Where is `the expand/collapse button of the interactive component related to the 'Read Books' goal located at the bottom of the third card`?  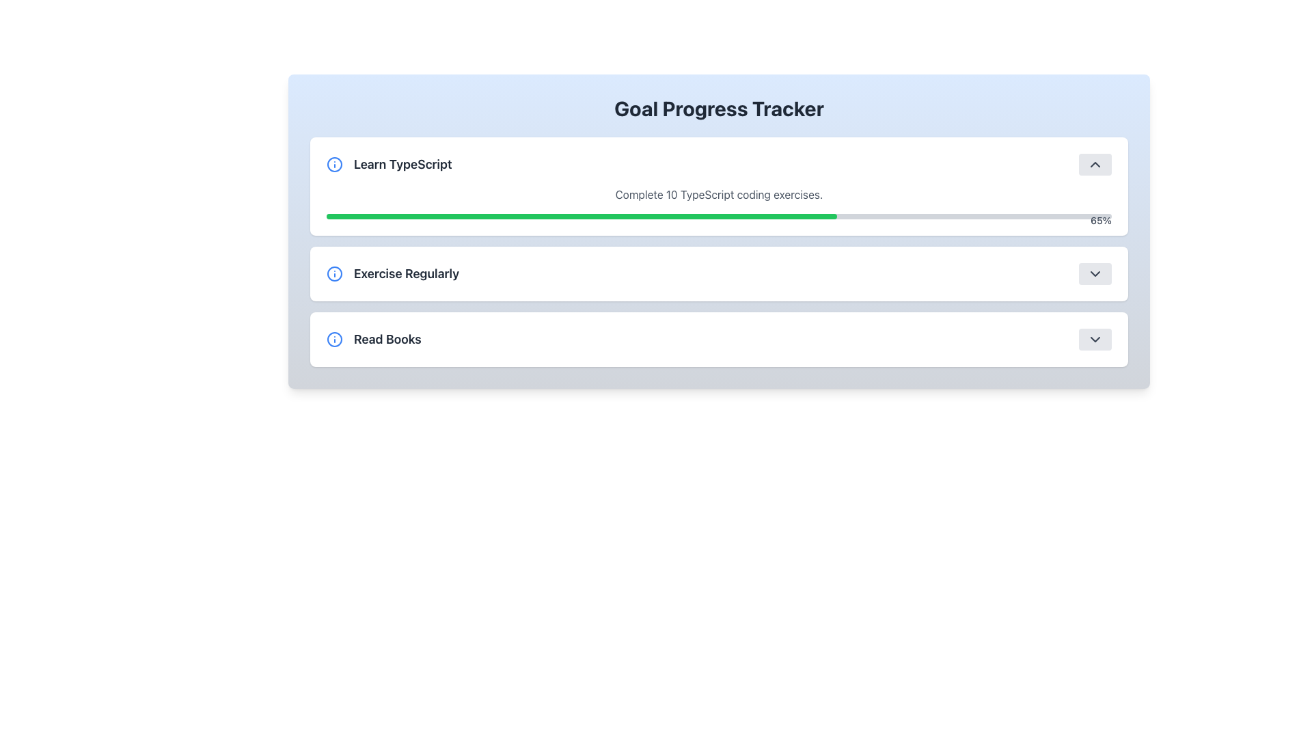 the expand/collapse button of the interactive component related to the 'Read Books' goal located at the bottom of the third card is located at coordinates (718, 339).